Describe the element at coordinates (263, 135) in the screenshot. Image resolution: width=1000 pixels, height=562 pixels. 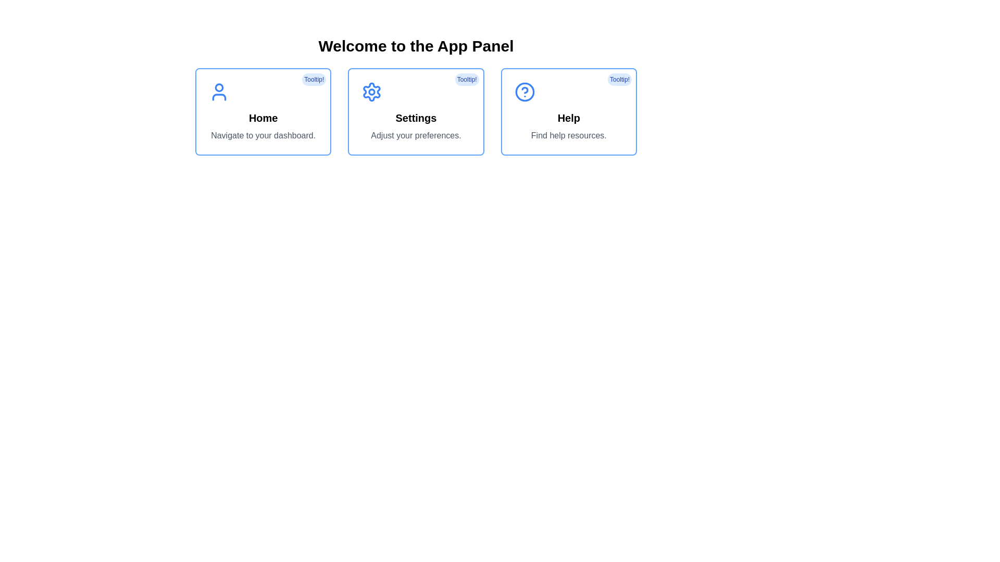
I see `the text label that reads 'Navigate to your dashboard.' located below the 'Home' text in the leftmost column of the interface` at that location.